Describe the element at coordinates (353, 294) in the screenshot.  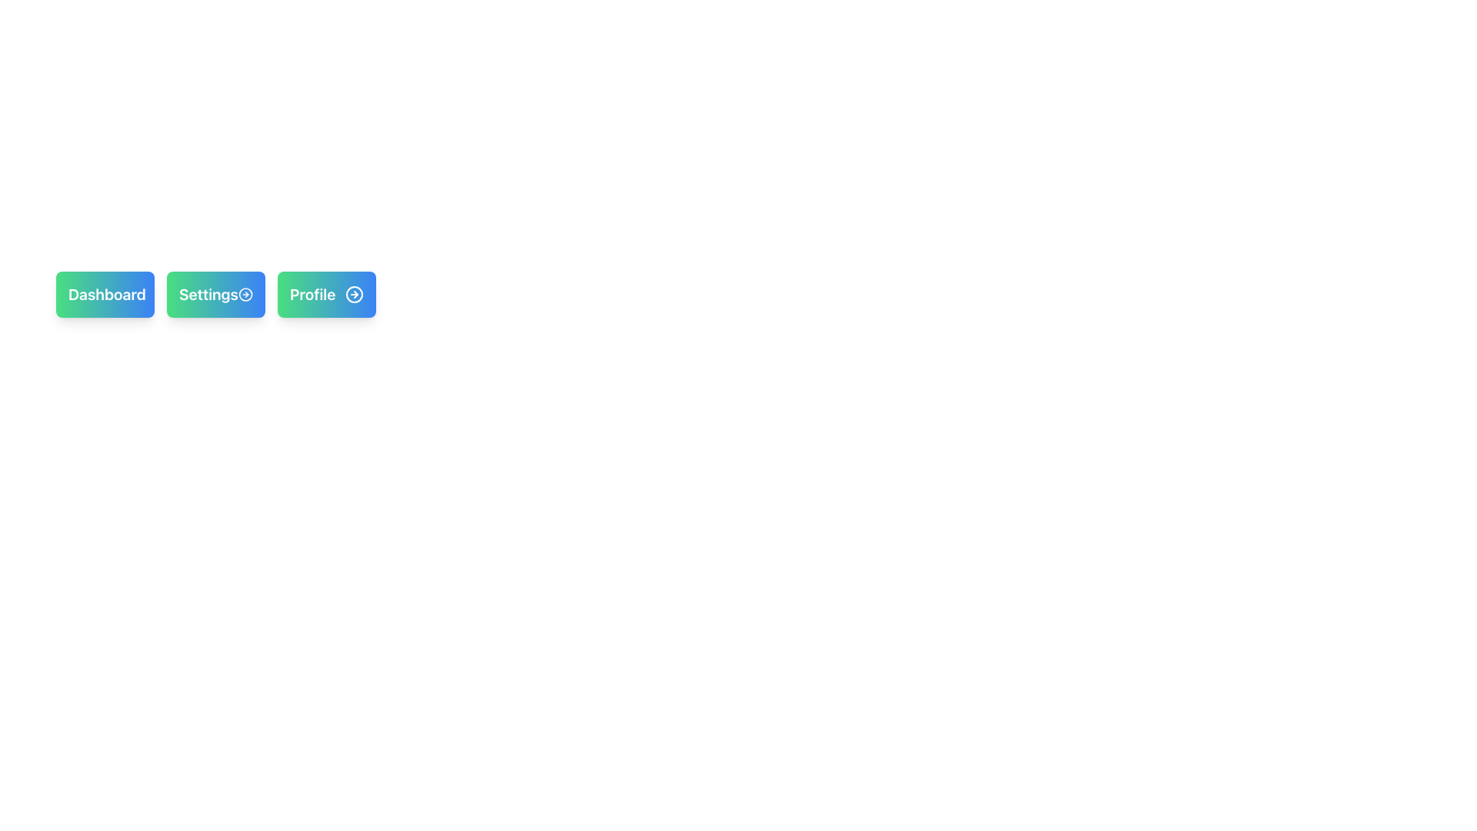
I see `the directional icon located to the right of the 'Profile' button` at that location.